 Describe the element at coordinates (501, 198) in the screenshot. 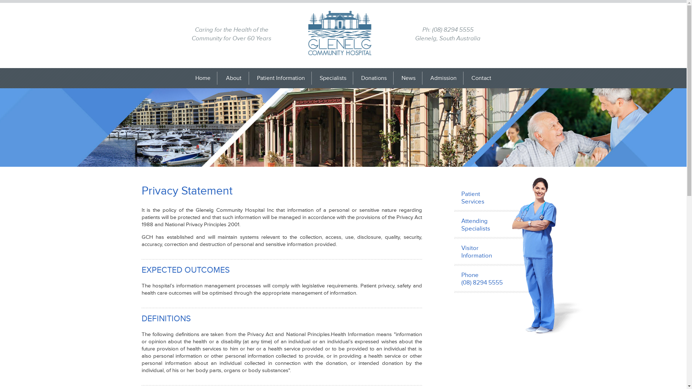

I see `'Patient` at that location.